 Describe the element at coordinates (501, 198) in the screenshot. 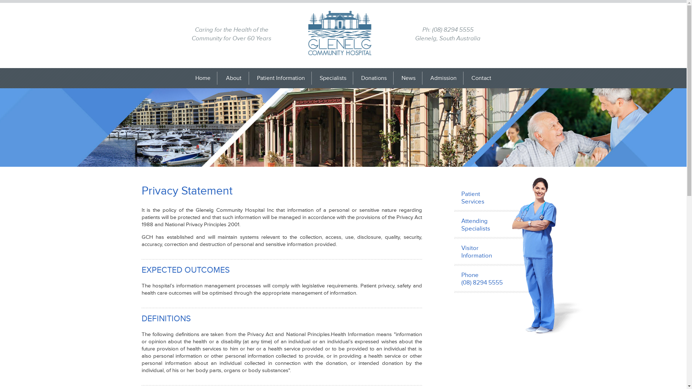

I see `'Patient` at that location.